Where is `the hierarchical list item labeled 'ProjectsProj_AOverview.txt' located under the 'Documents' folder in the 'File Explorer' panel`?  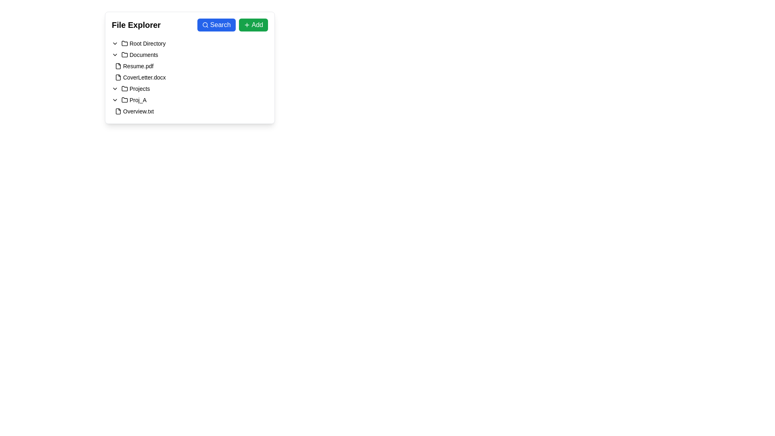 the hierarchical list item labeled 'ProjectsProj_AOverview.txt' located under the 'Documents' folder in the 'File Explorer' panel is located at coordinates (189, 99).